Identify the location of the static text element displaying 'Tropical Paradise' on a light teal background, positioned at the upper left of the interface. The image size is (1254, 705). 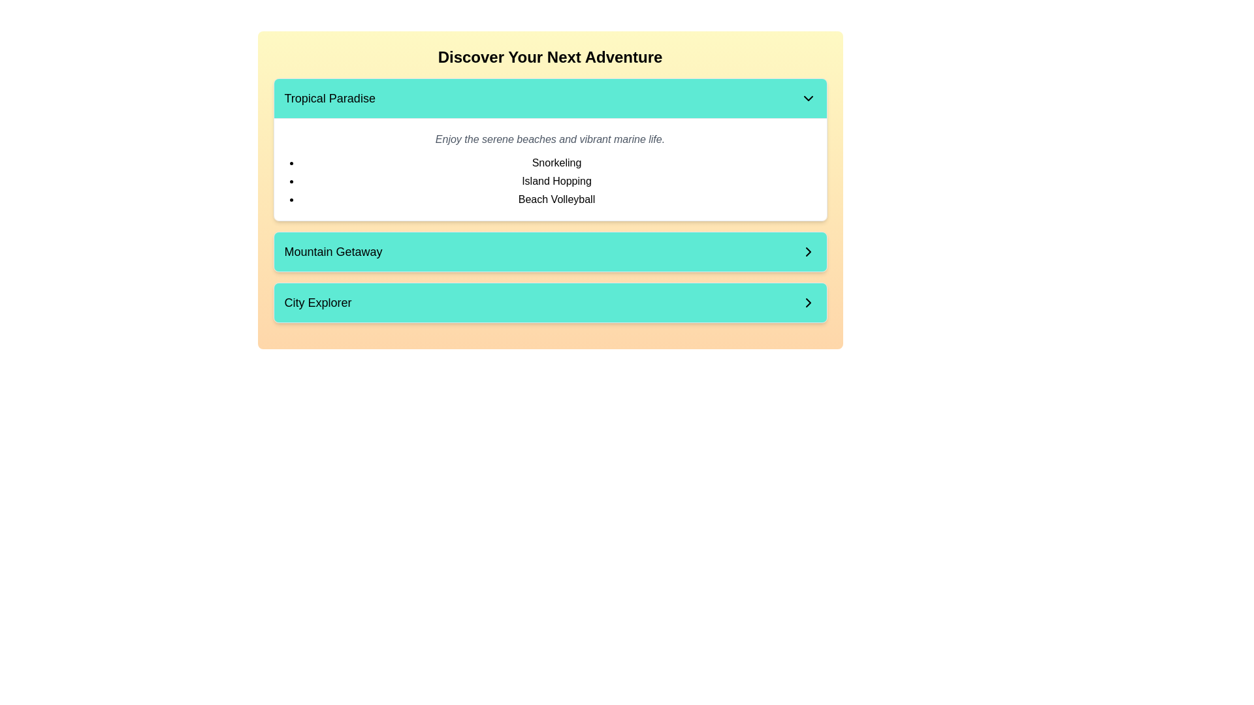
(330, 97).